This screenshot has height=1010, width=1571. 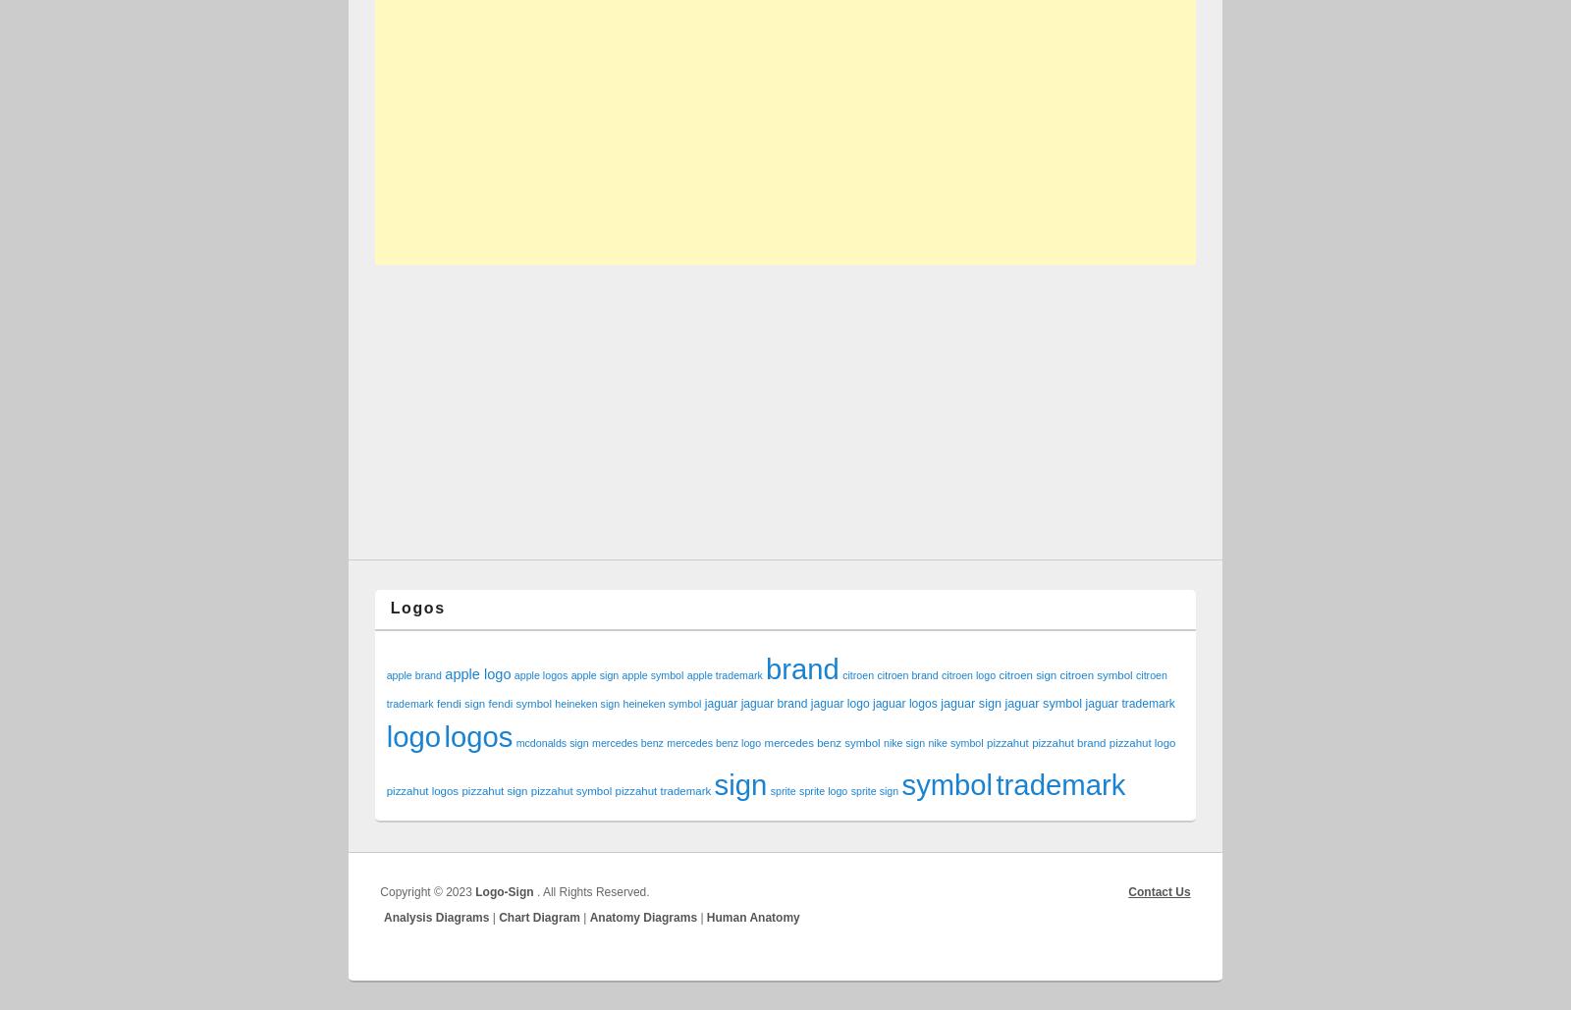 What do you see at coordinates (569, 789) in the screenshot?
I see `'pizzahut symbol'` at bounding box center [569, 789].